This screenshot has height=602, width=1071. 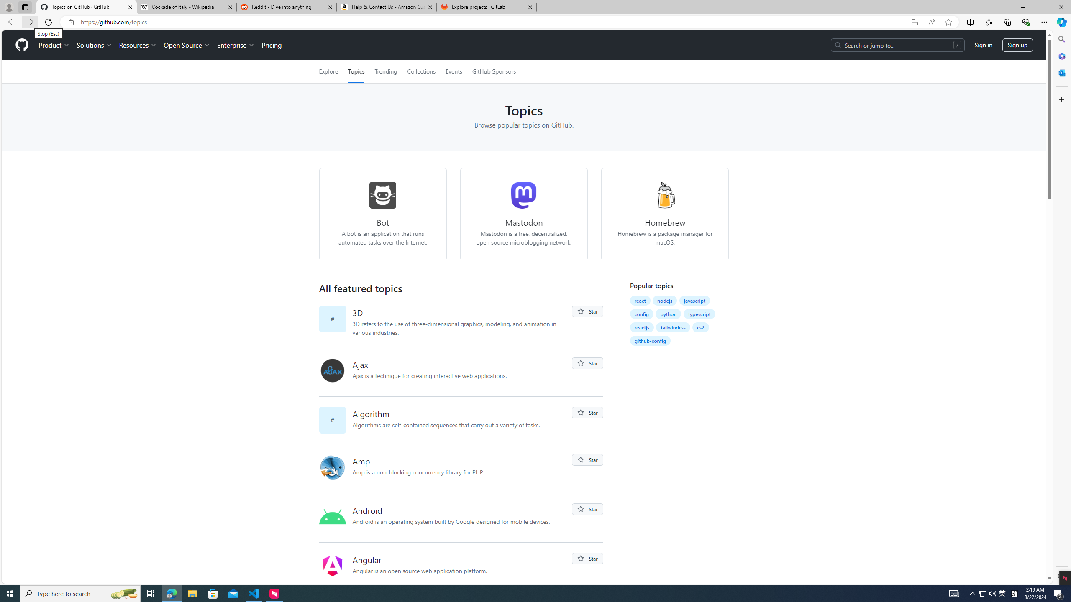 What do you see at coordinates (187, 45) in the screenshot?
I see `'Open Source'` at bounding box center [187, 45].